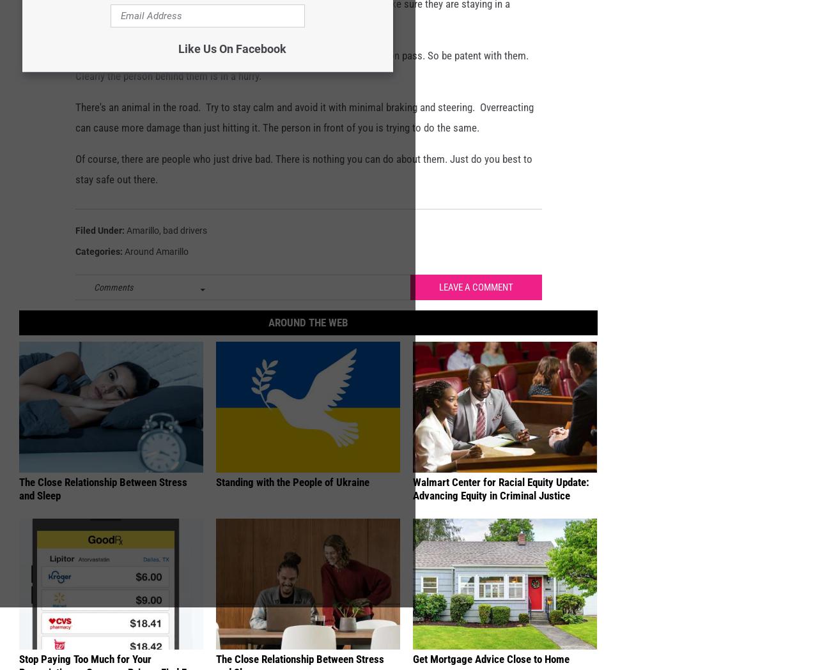 This screenshot has height=670, width=822. I want to click on 'Around The Web', so click(307, 342).